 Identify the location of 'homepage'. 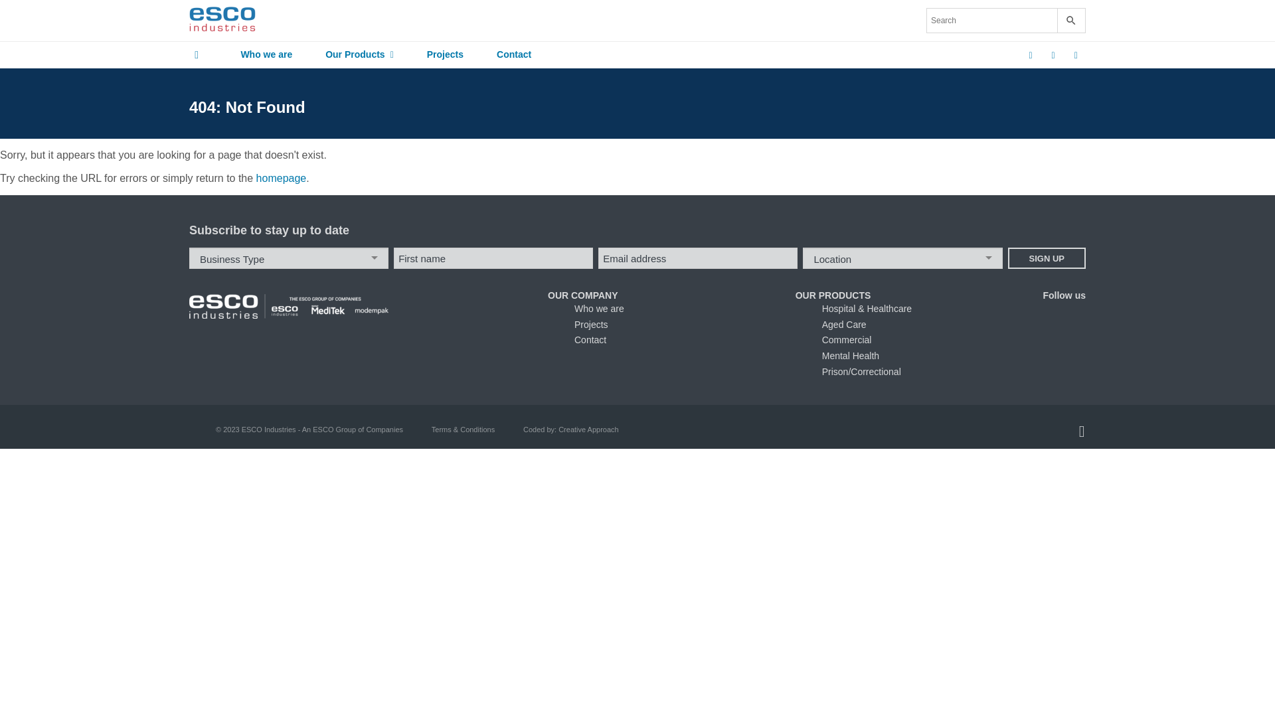
(280, 177).